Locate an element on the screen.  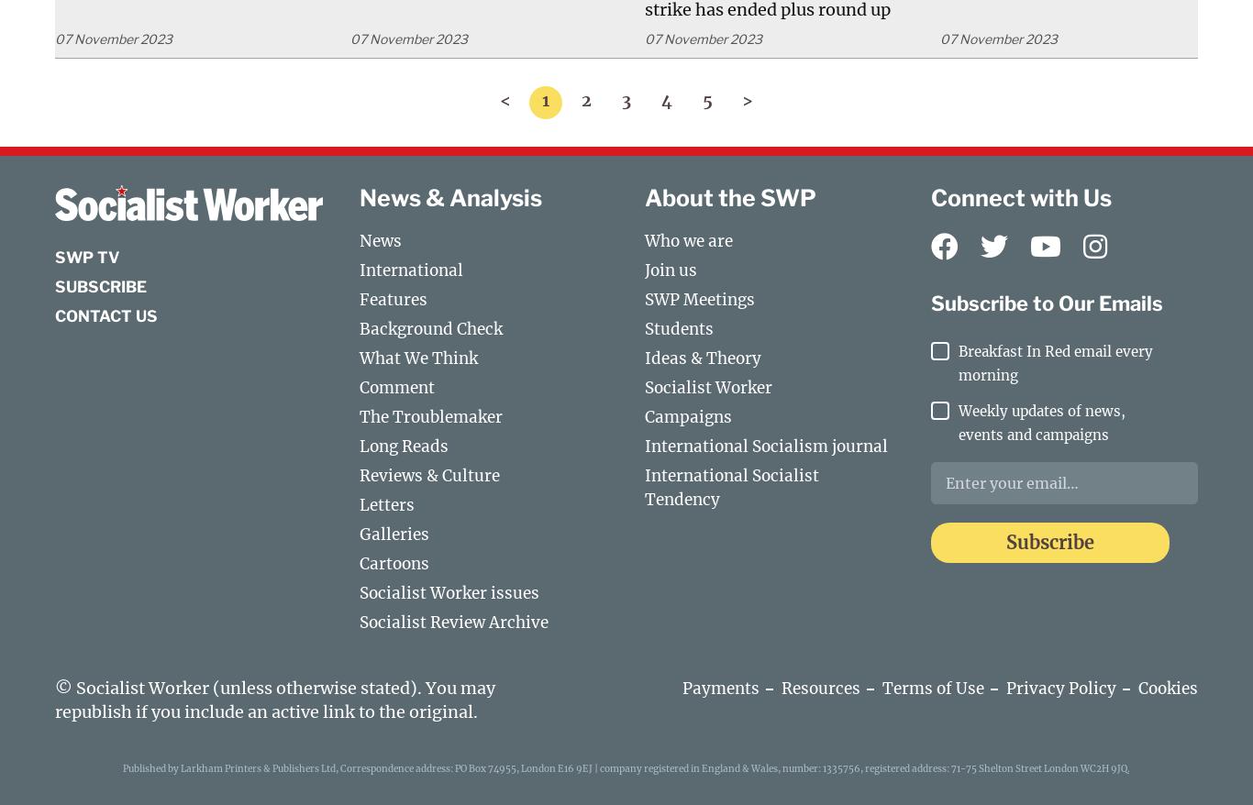
'News' is located at coordinates (379, 239).